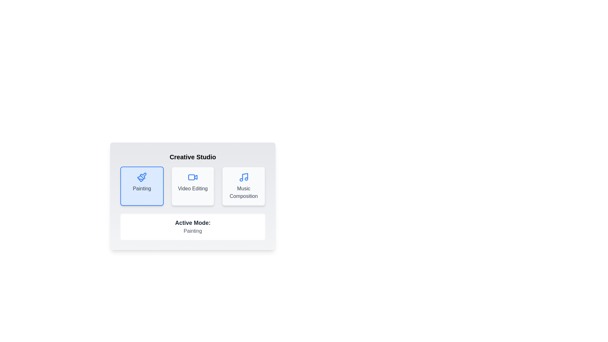  I want to click on the button corresponding to the selected mode Music Composition, so click(243, 186).